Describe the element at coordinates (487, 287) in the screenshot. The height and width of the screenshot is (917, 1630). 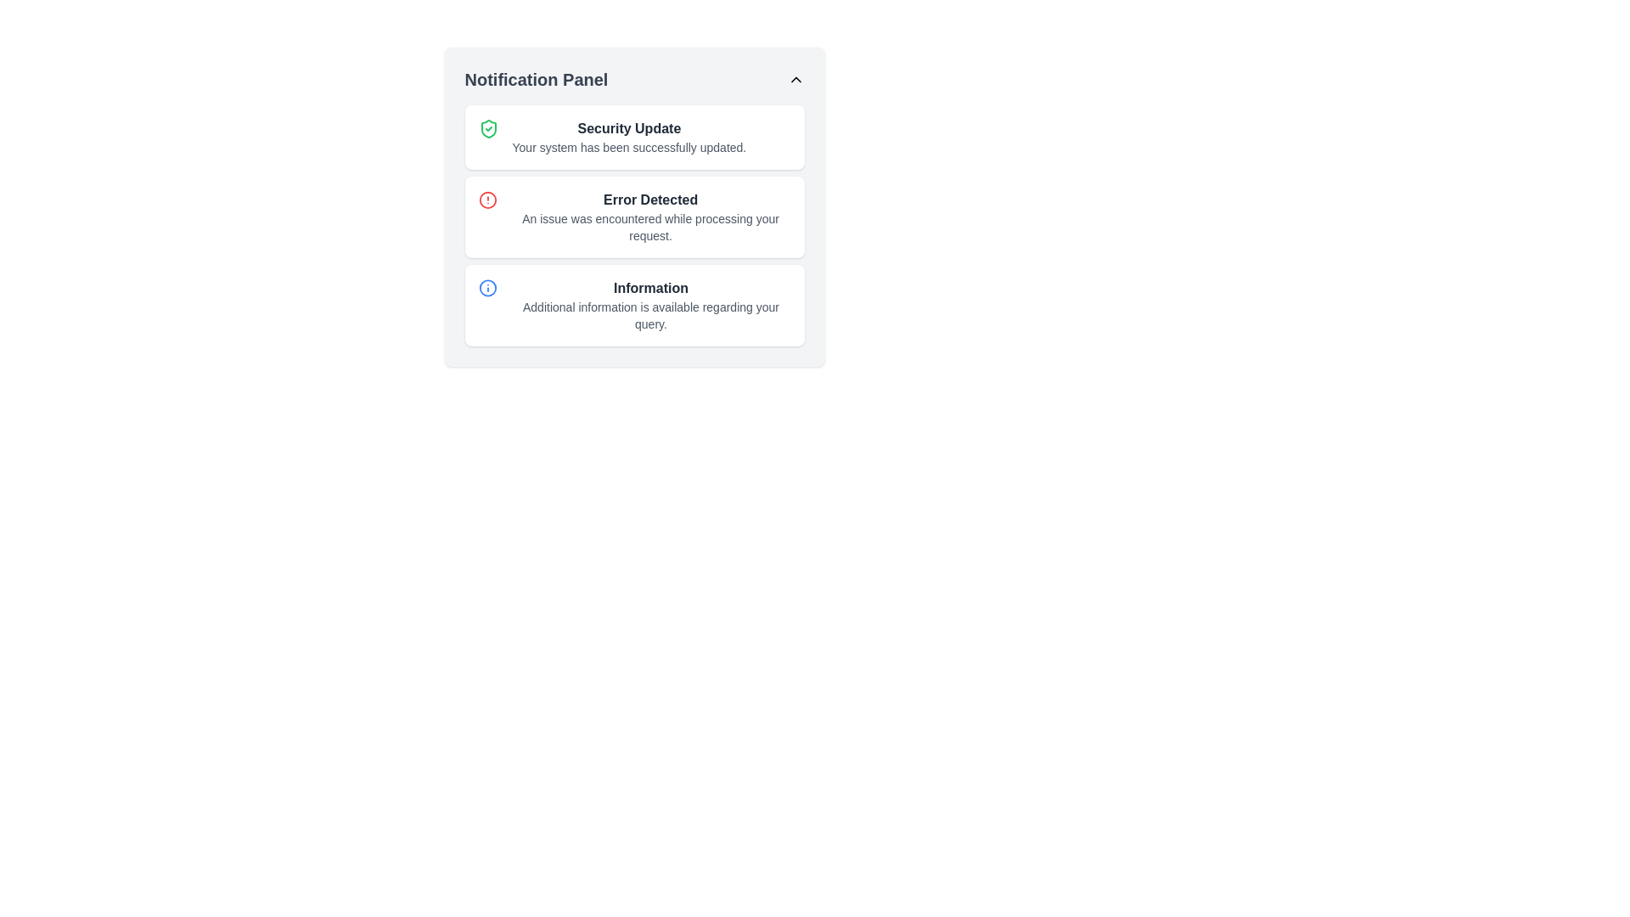
I see `the prominent circular Decorative icon located to the left of the text content under the 'Information' section in the notification panel` at that location.